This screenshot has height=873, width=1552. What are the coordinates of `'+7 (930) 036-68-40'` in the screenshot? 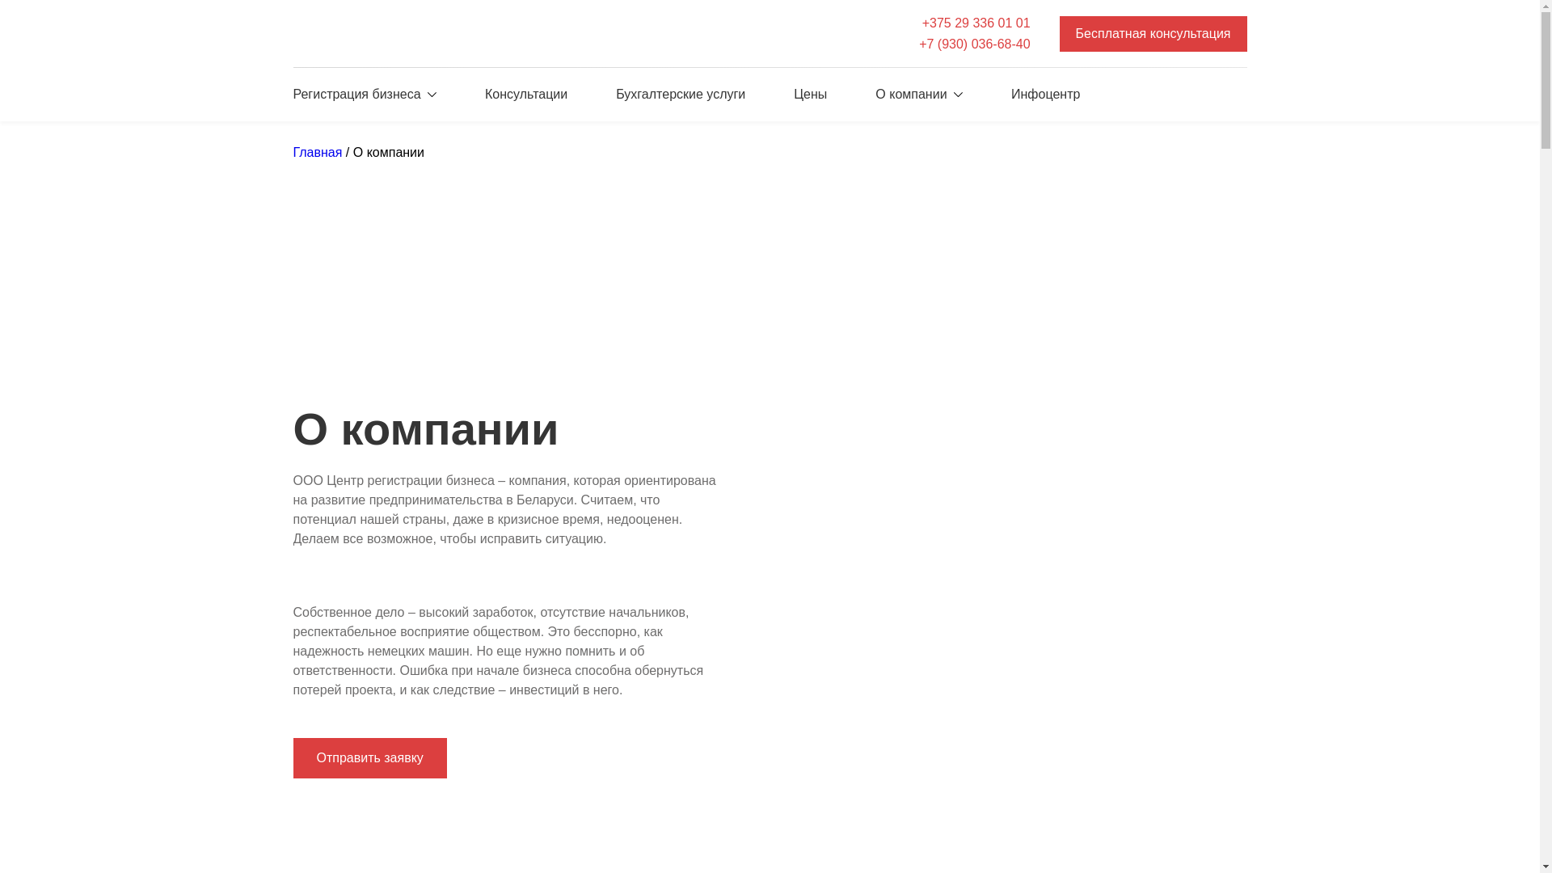 It's located at (973, 43).